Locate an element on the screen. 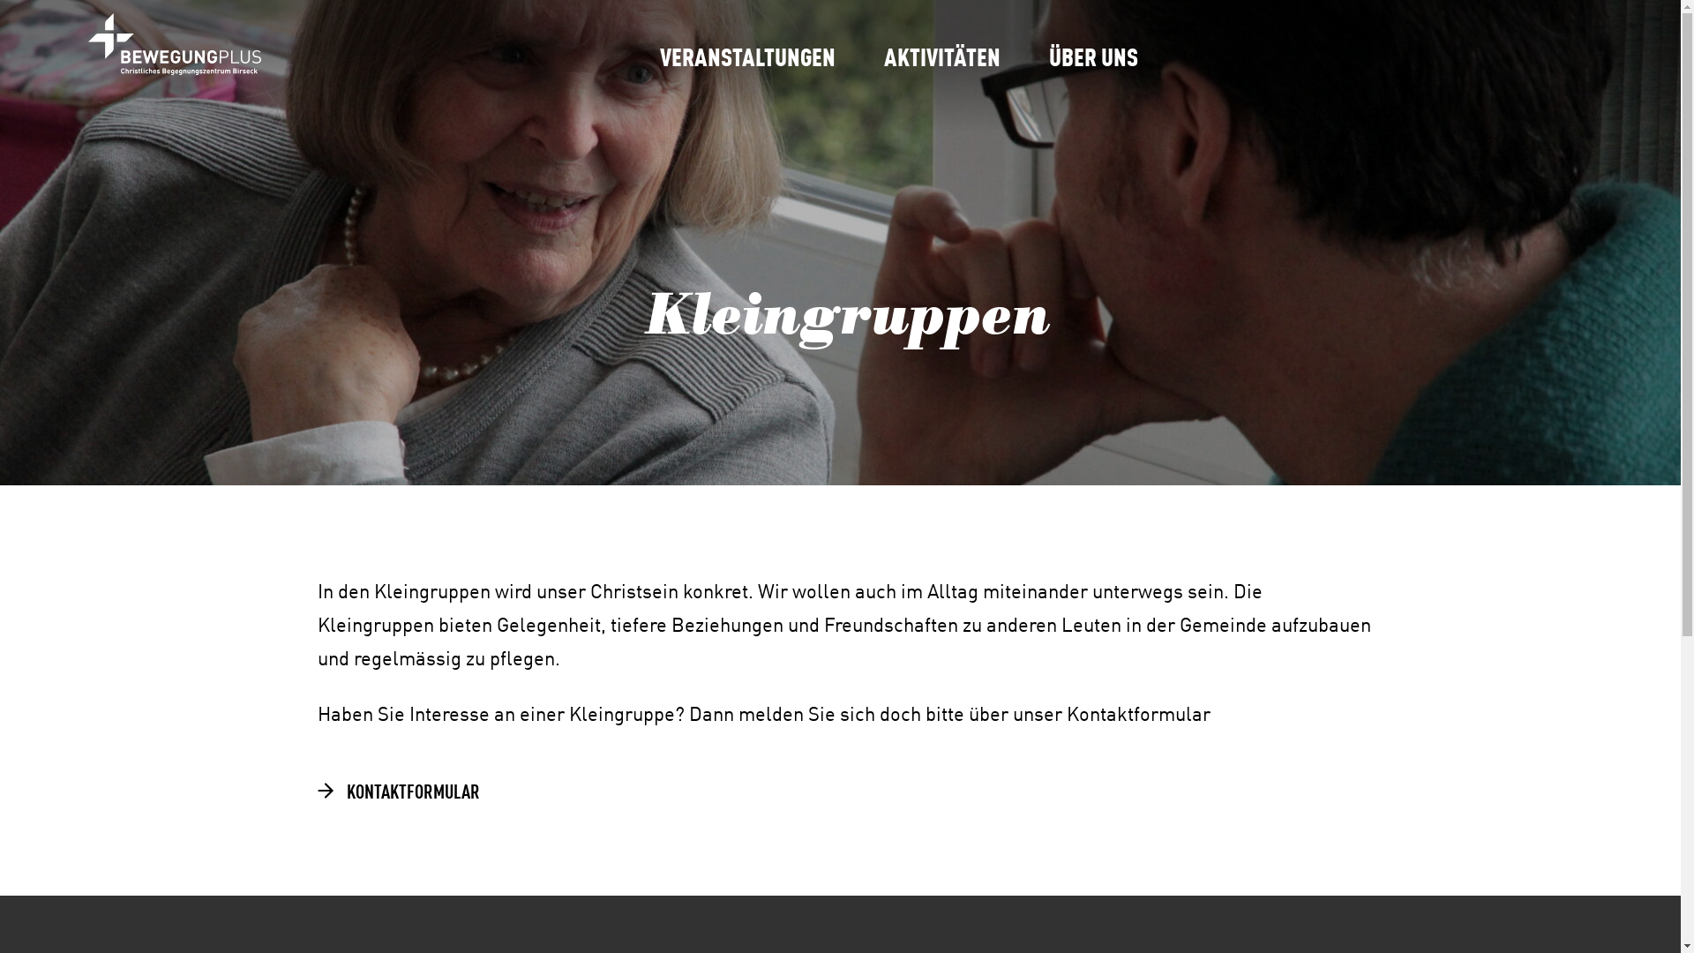 This screenshot has height=953, width=1694. 'KONTAKTFORMULAR' is located at coordinates (316, 789).